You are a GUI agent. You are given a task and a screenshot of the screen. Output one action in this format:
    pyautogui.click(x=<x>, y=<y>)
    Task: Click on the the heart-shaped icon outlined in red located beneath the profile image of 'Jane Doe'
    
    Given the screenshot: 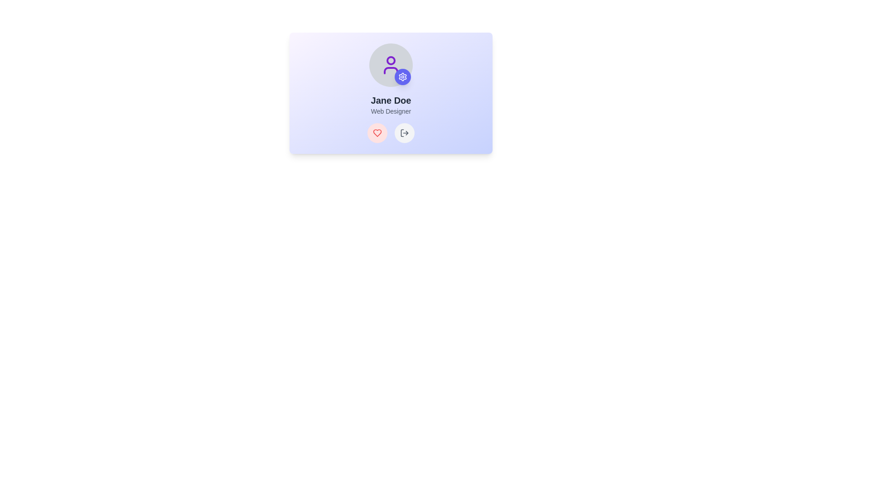 What is the action you would take?
    pyautogui.click(x=377, y=133)
    